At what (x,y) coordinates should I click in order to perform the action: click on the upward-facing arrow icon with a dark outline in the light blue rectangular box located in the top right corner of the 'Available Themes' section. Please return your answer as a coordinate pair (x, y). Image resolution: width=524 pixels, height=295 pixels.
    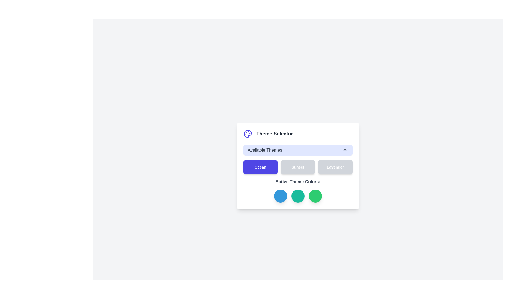
    Looking at the image, I should click on (344, 150).